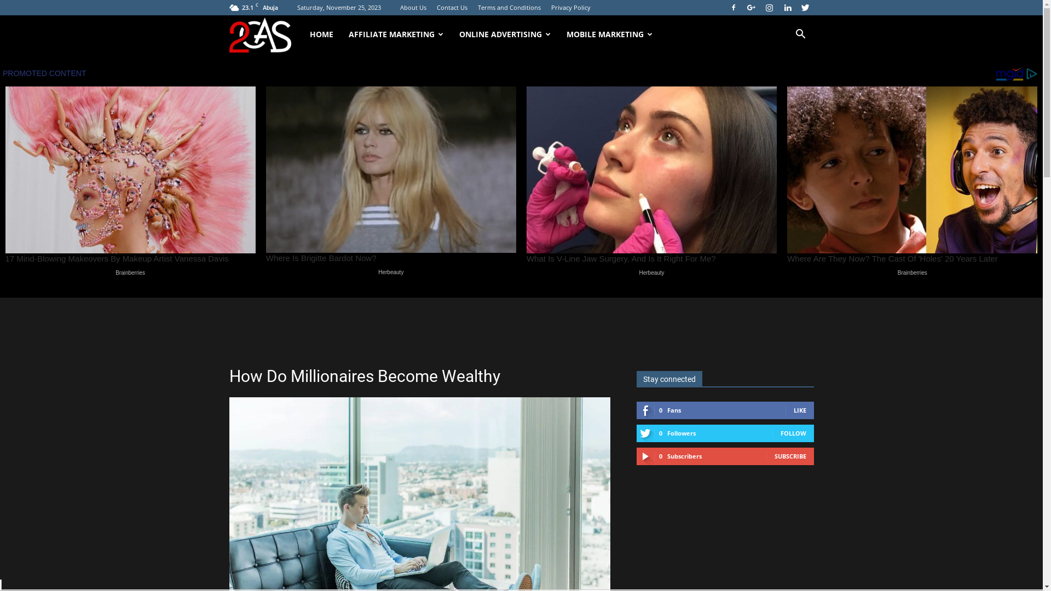 The image size is (1051, 591). I want to click on 'Facebook', so click(733, 8).